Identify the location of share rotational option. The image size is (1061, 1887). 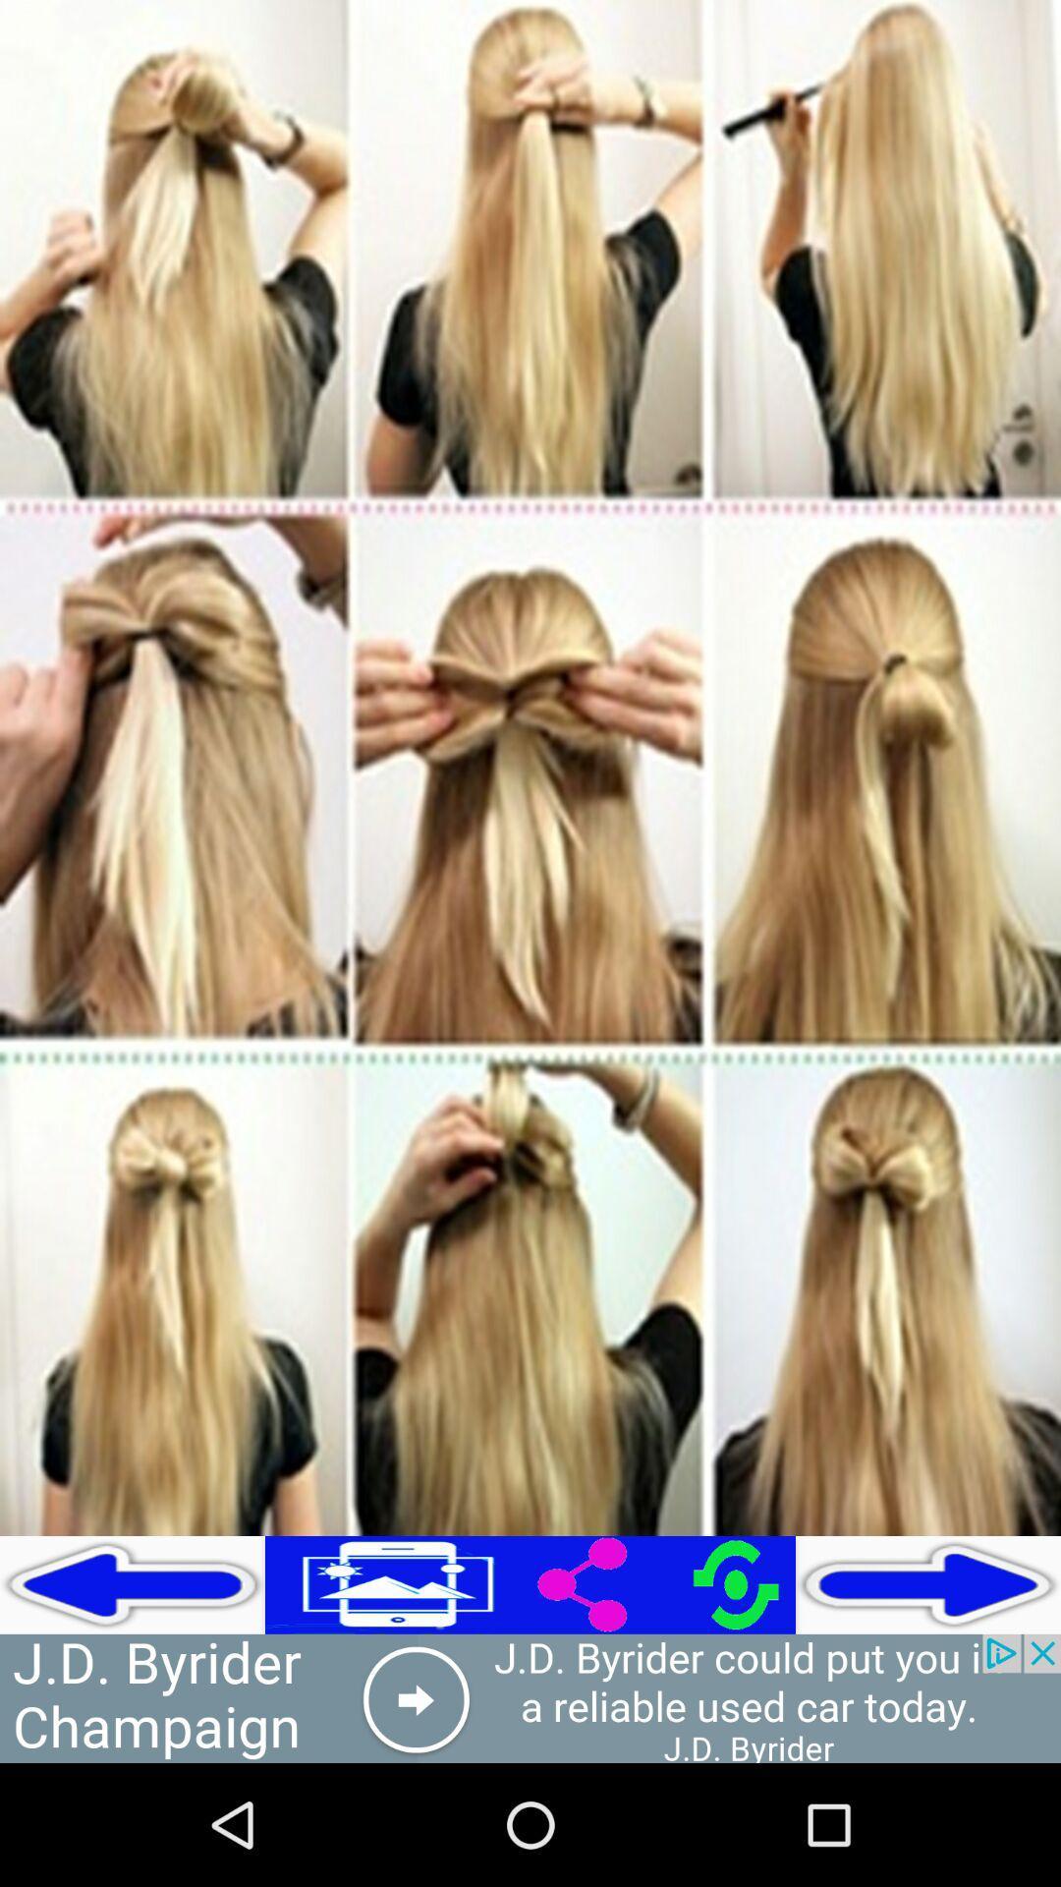
(663, 1584).